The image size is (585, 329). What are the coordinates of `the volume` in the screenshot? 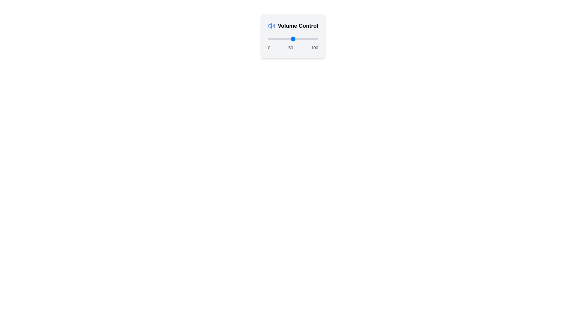 It's located at (297, 39).